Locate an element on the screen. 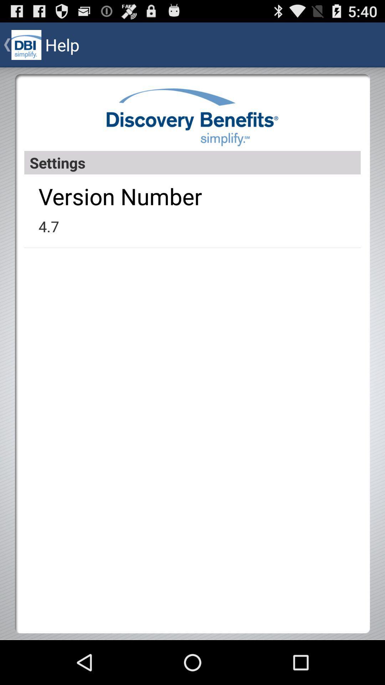 This screenshot has width=385, height=685. the 4.7 app is located at coordinates (48, 226).